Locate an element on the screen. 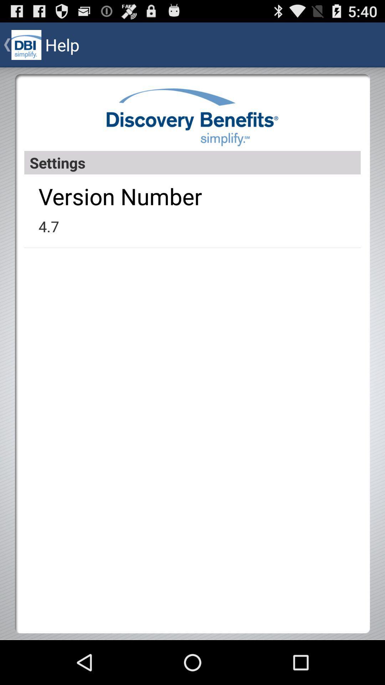 This screenshot has width=385, height=685. the 4.7 app is located at coordinates (48, 226).